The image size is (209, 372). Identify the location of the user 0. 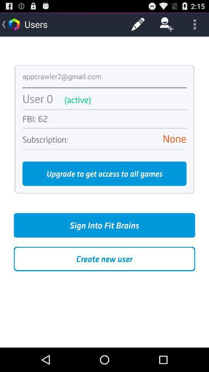
(37, 98).